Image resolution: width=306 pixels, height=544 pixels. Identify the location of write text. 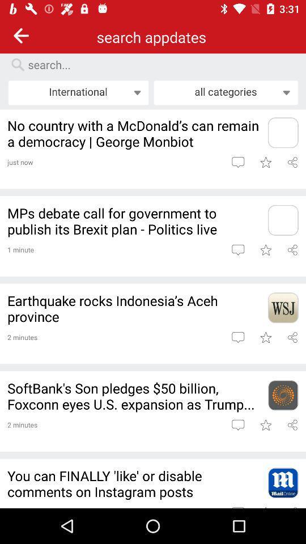
(237, 250).